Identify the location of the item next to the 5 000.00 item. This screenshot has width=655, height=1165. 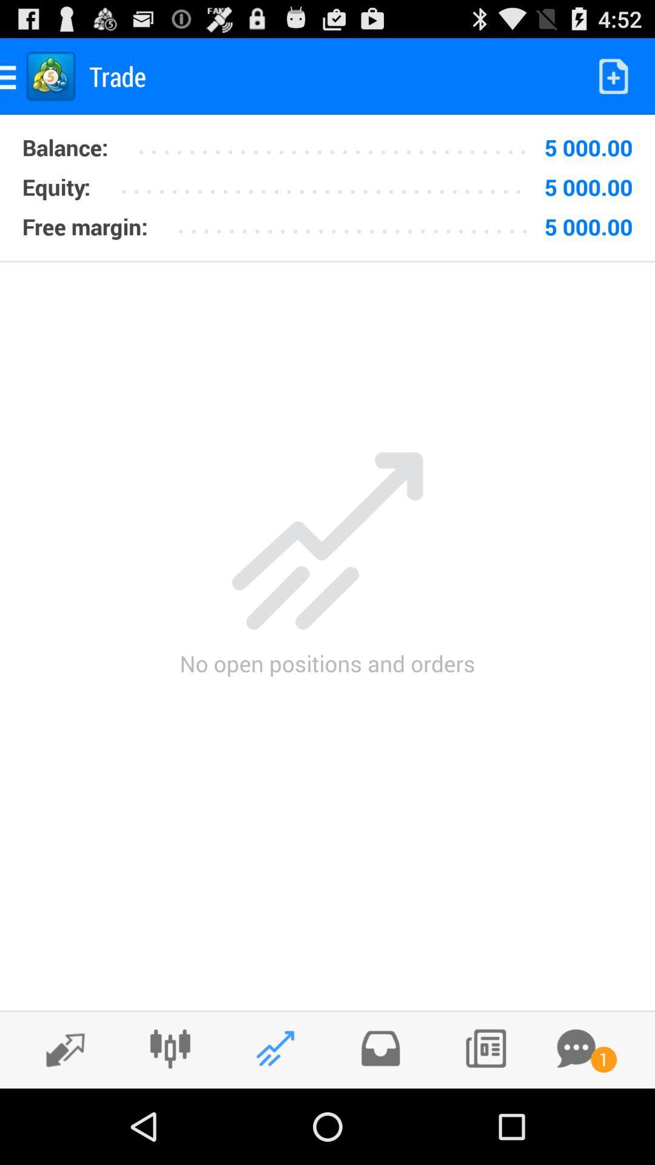
(337, 143).